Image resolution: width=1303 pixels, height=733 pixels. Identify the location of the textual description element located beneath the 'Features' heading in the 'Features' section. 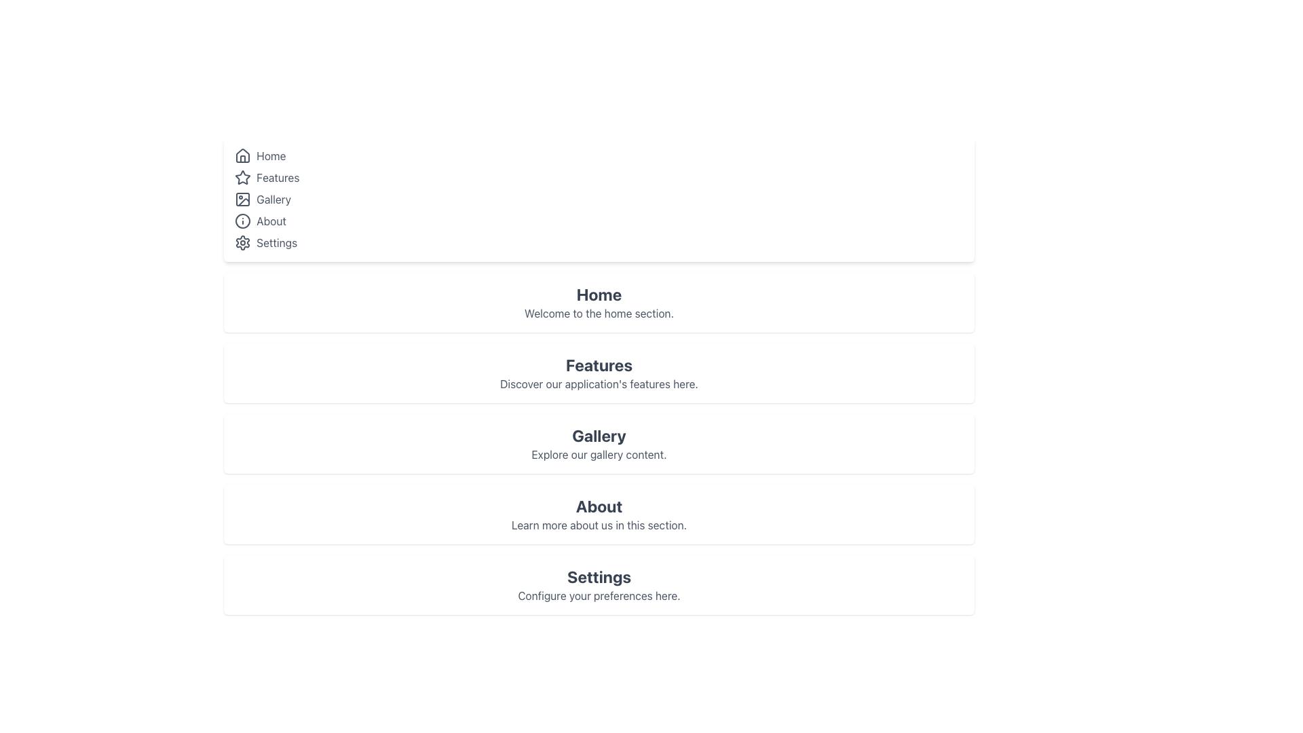
(599, 384).